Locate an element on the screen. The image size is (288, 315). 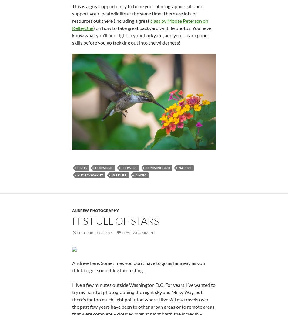
'hummingbird' is located at coordinates (158, 167).